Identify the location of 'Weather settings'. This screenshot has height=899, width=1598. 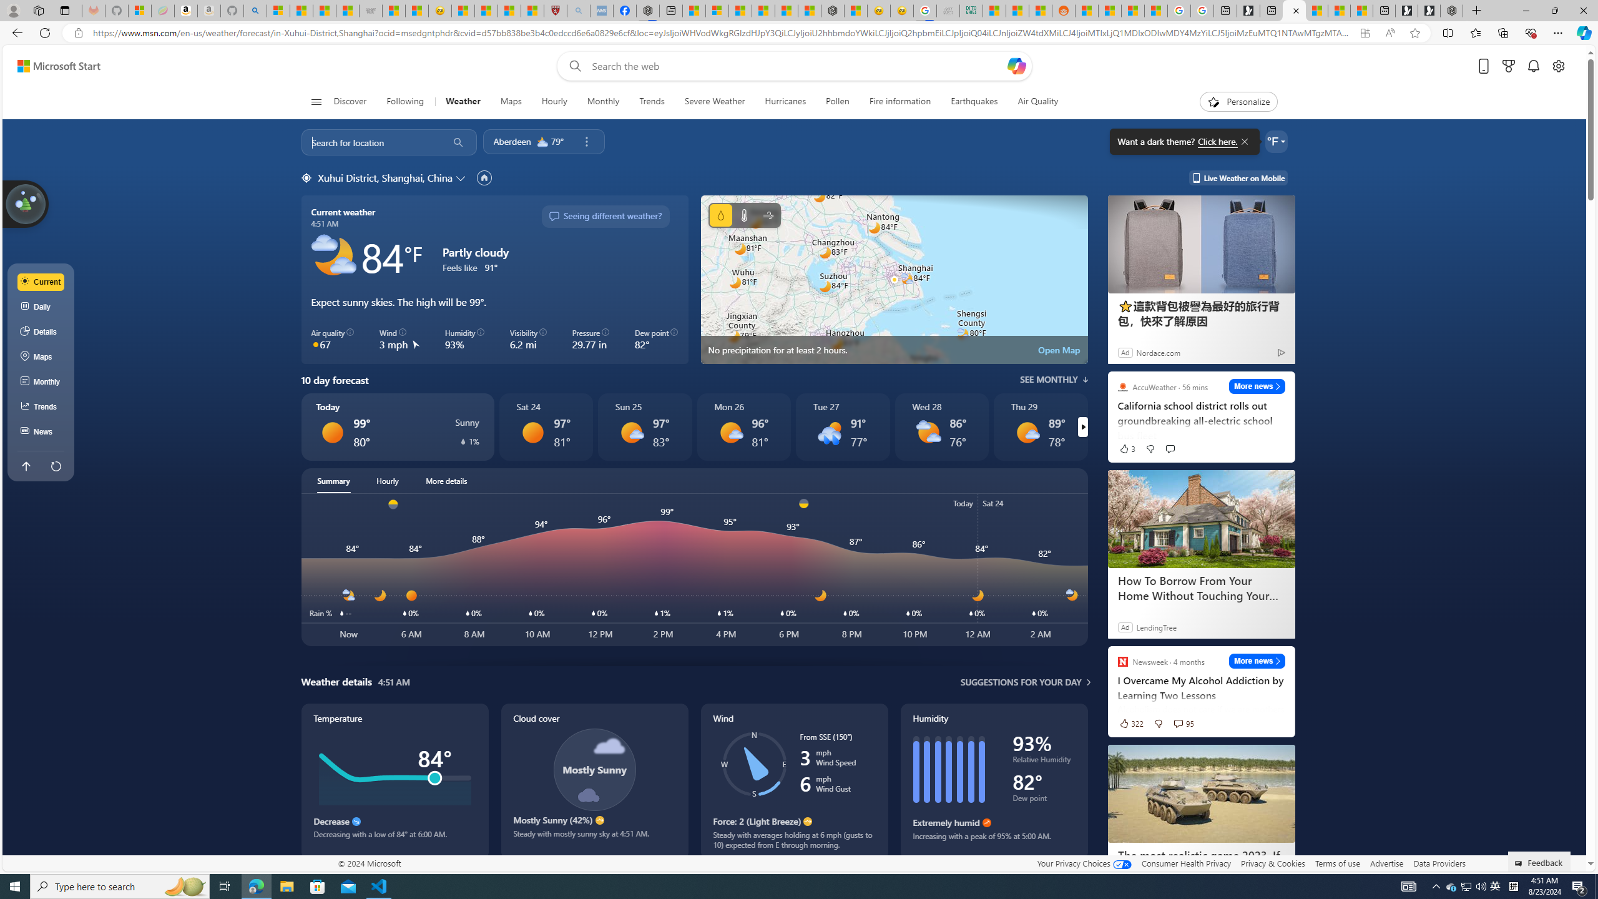
(1275, 140).